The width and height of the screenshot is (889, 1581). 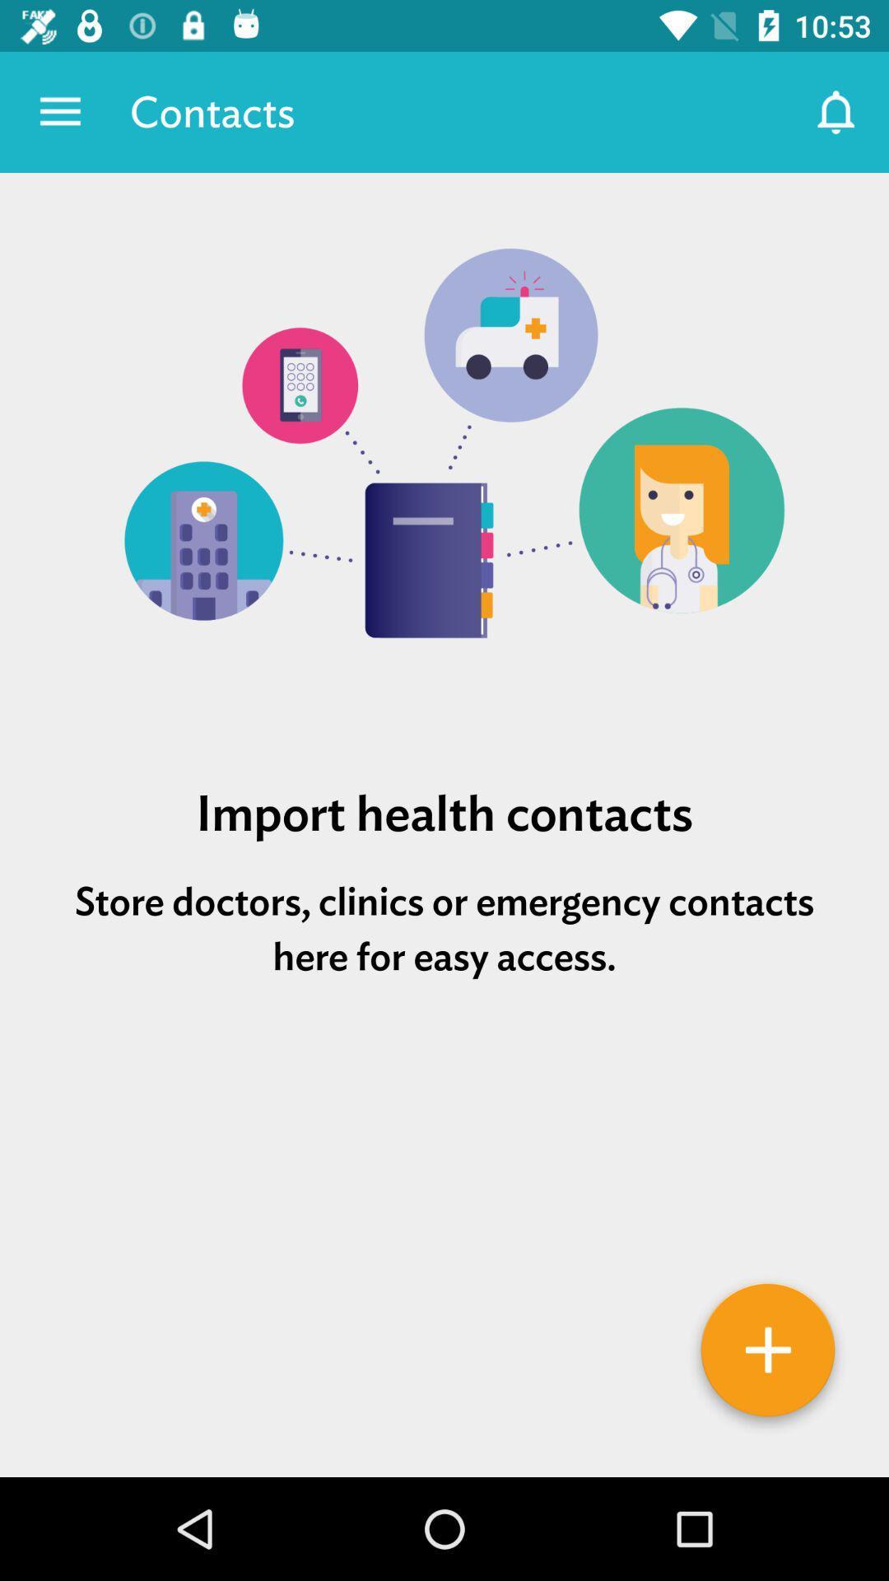 I want to click on app to the right of contacts item, so click(x=837, y=111).